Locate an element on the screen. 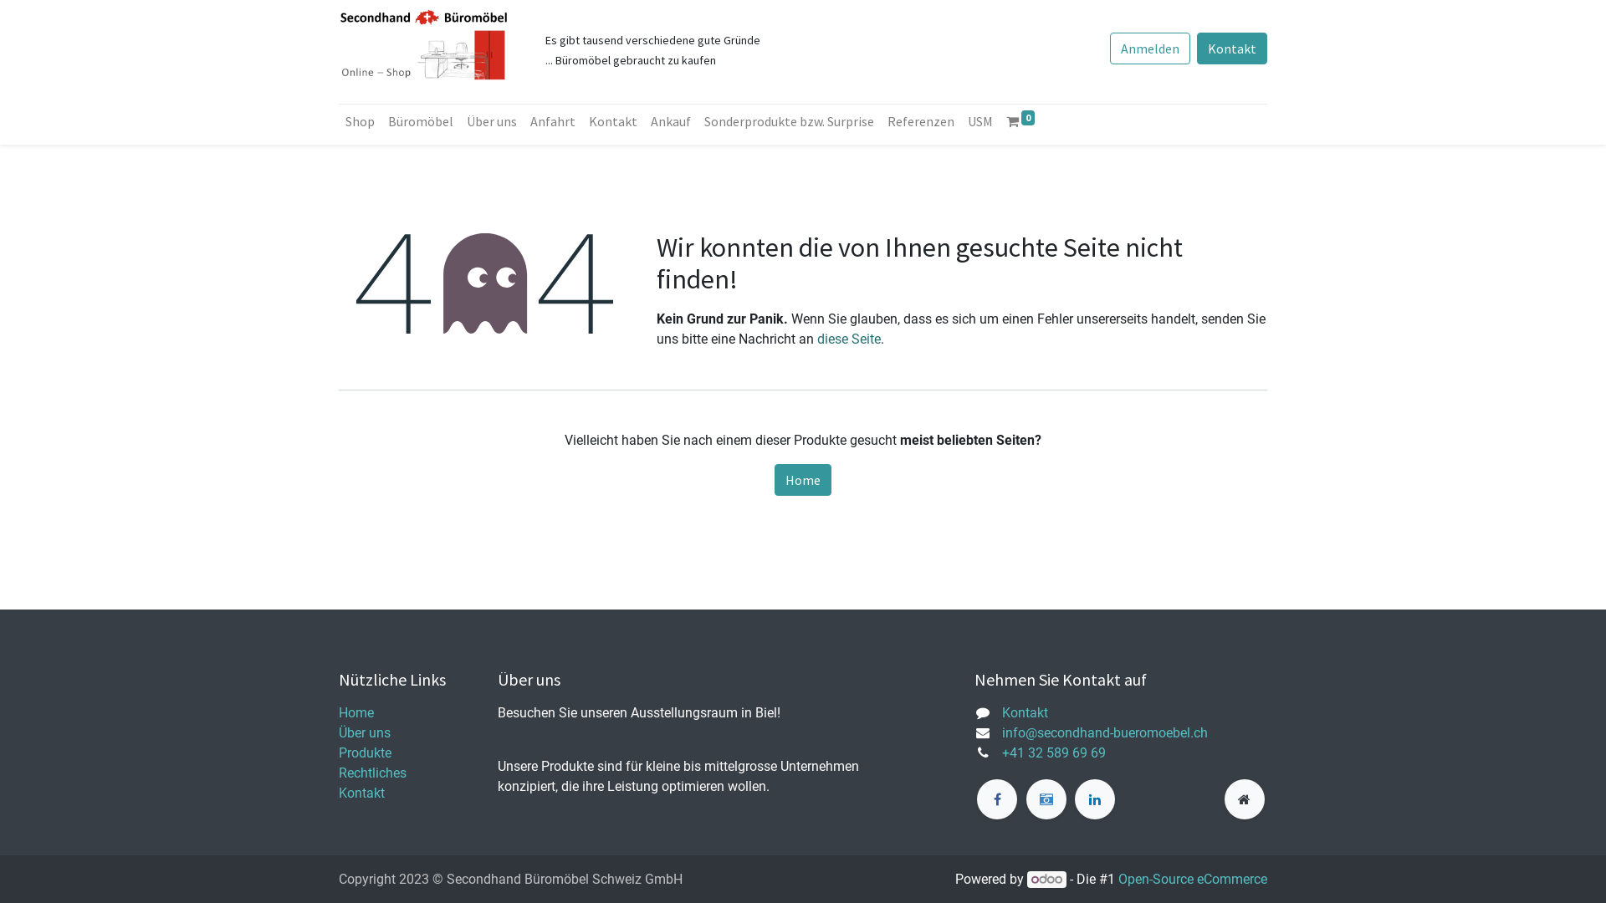  'USM' is located at coordinates (979, 120).